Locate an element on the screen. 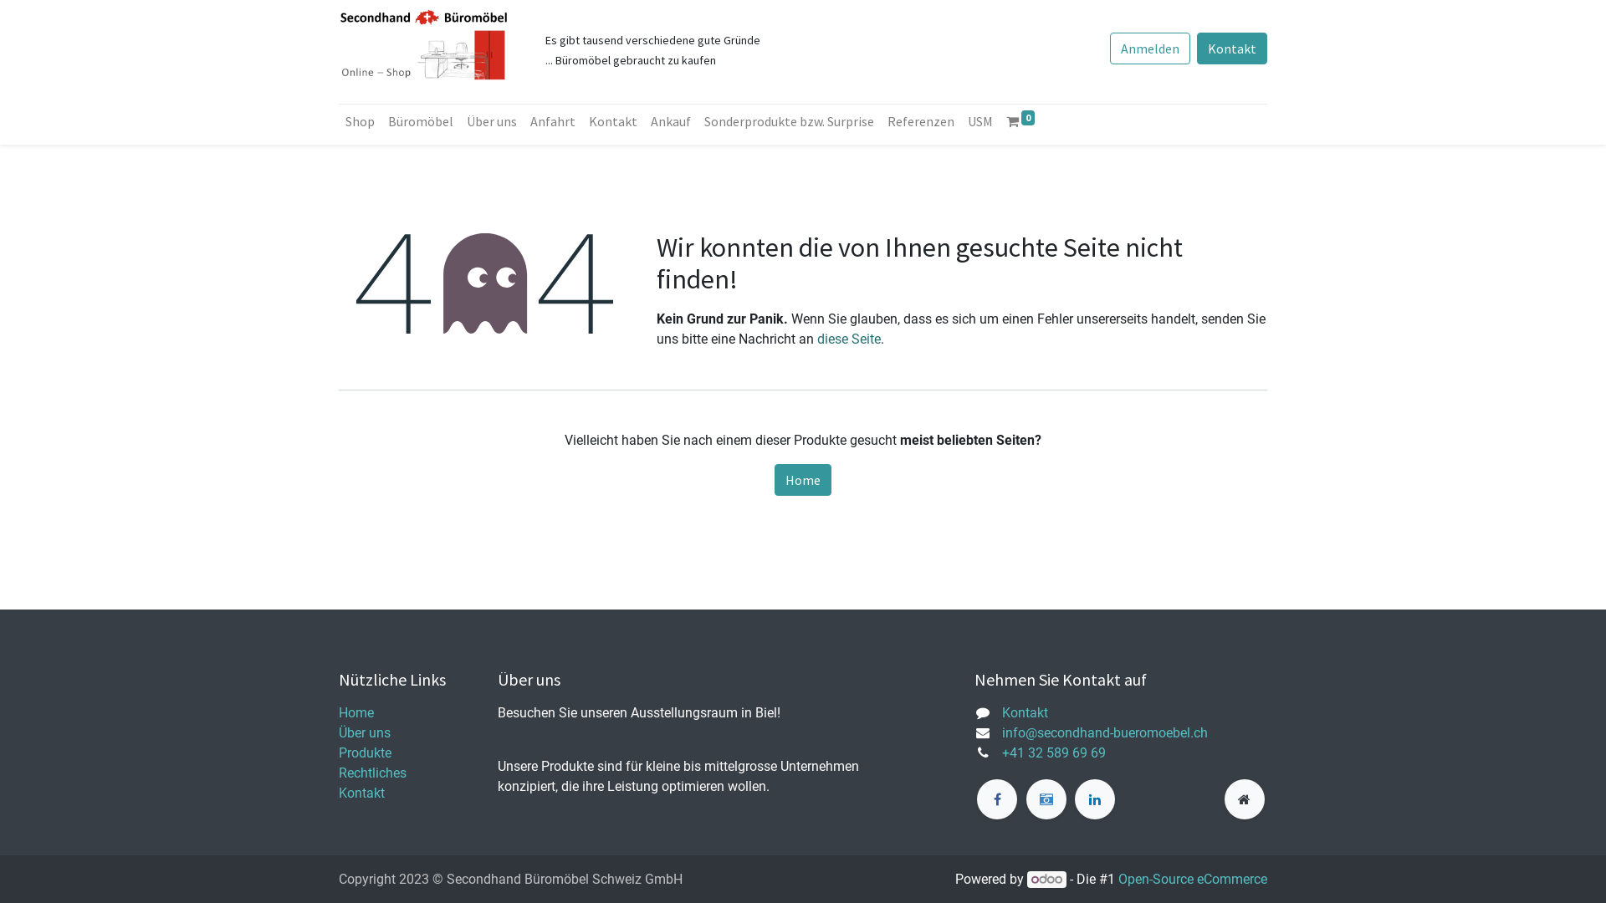  'USM' is located at coordinates (979, 120).